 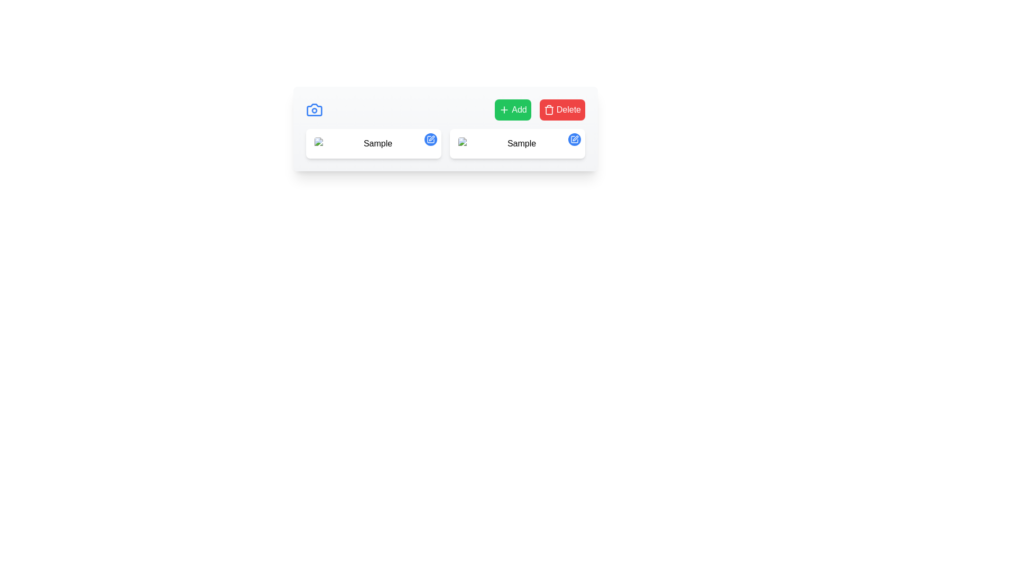 I want to click on the delete button located in the upper section of the interface, which is the last button in a row of buttons, so click(x=561, y=110).